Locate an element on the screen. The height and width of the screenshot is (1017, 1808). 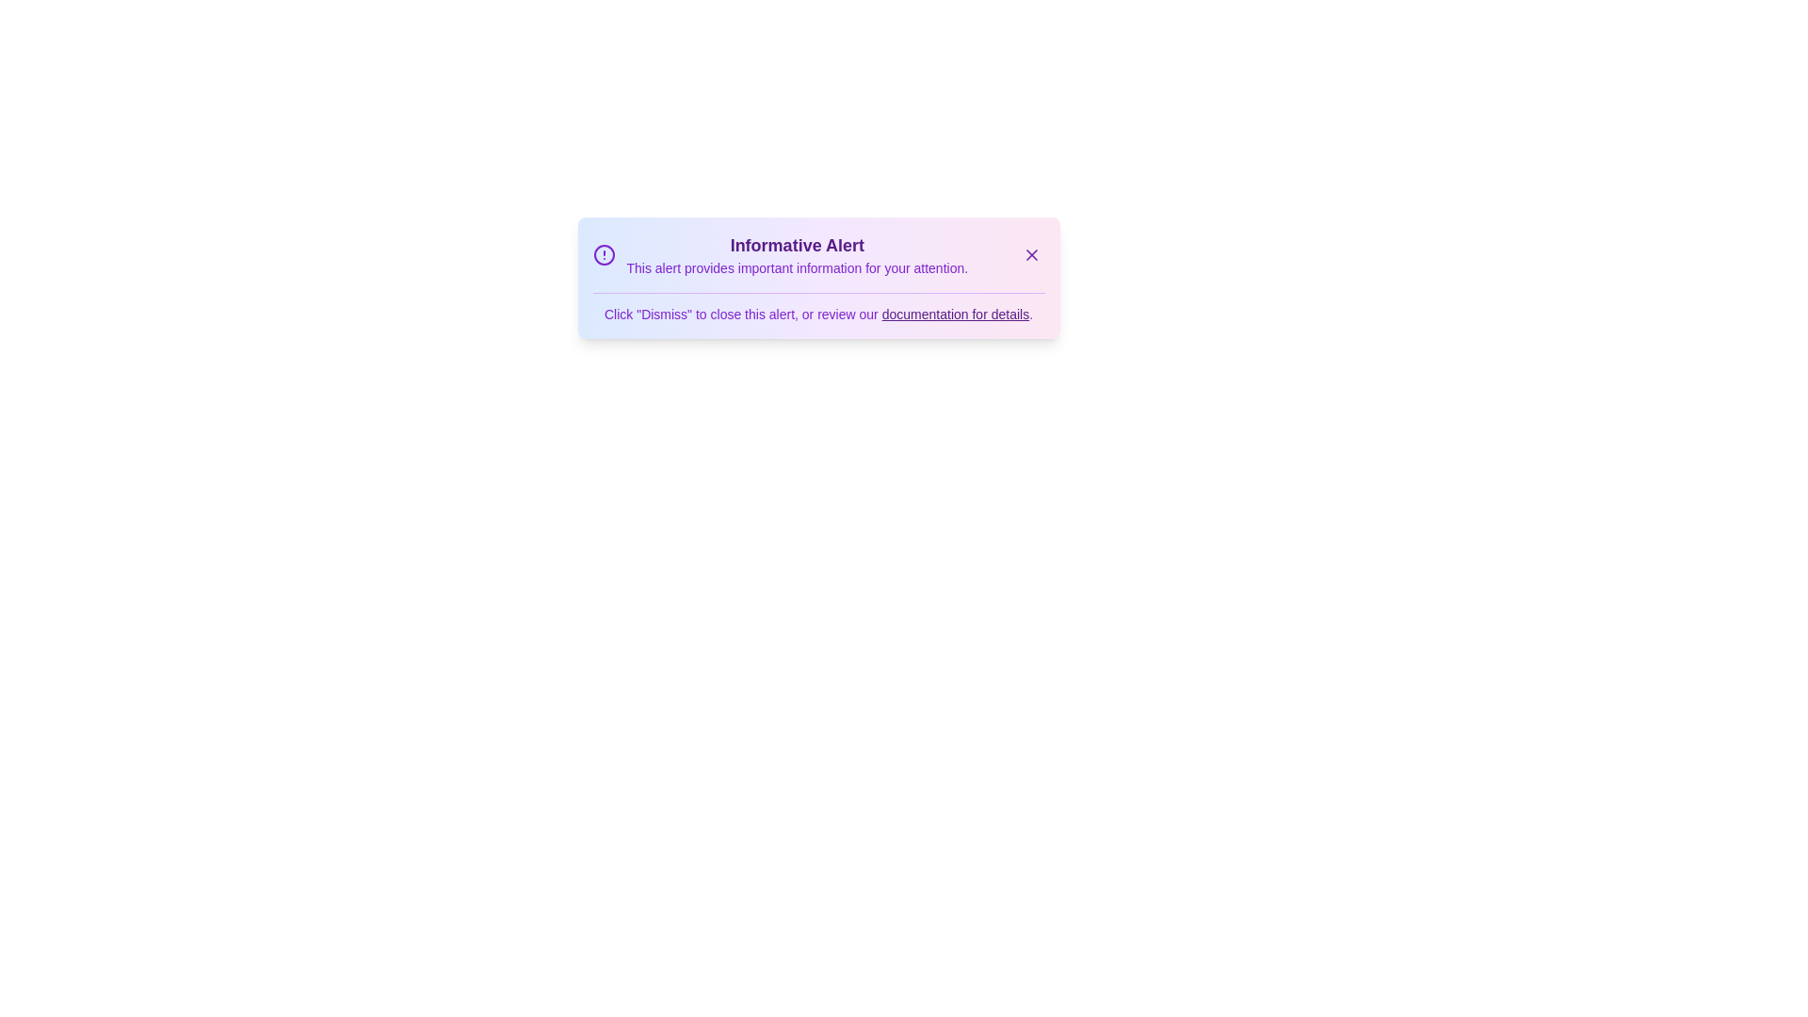
the 'documentation for details' link is located at coordinates (955, 314).